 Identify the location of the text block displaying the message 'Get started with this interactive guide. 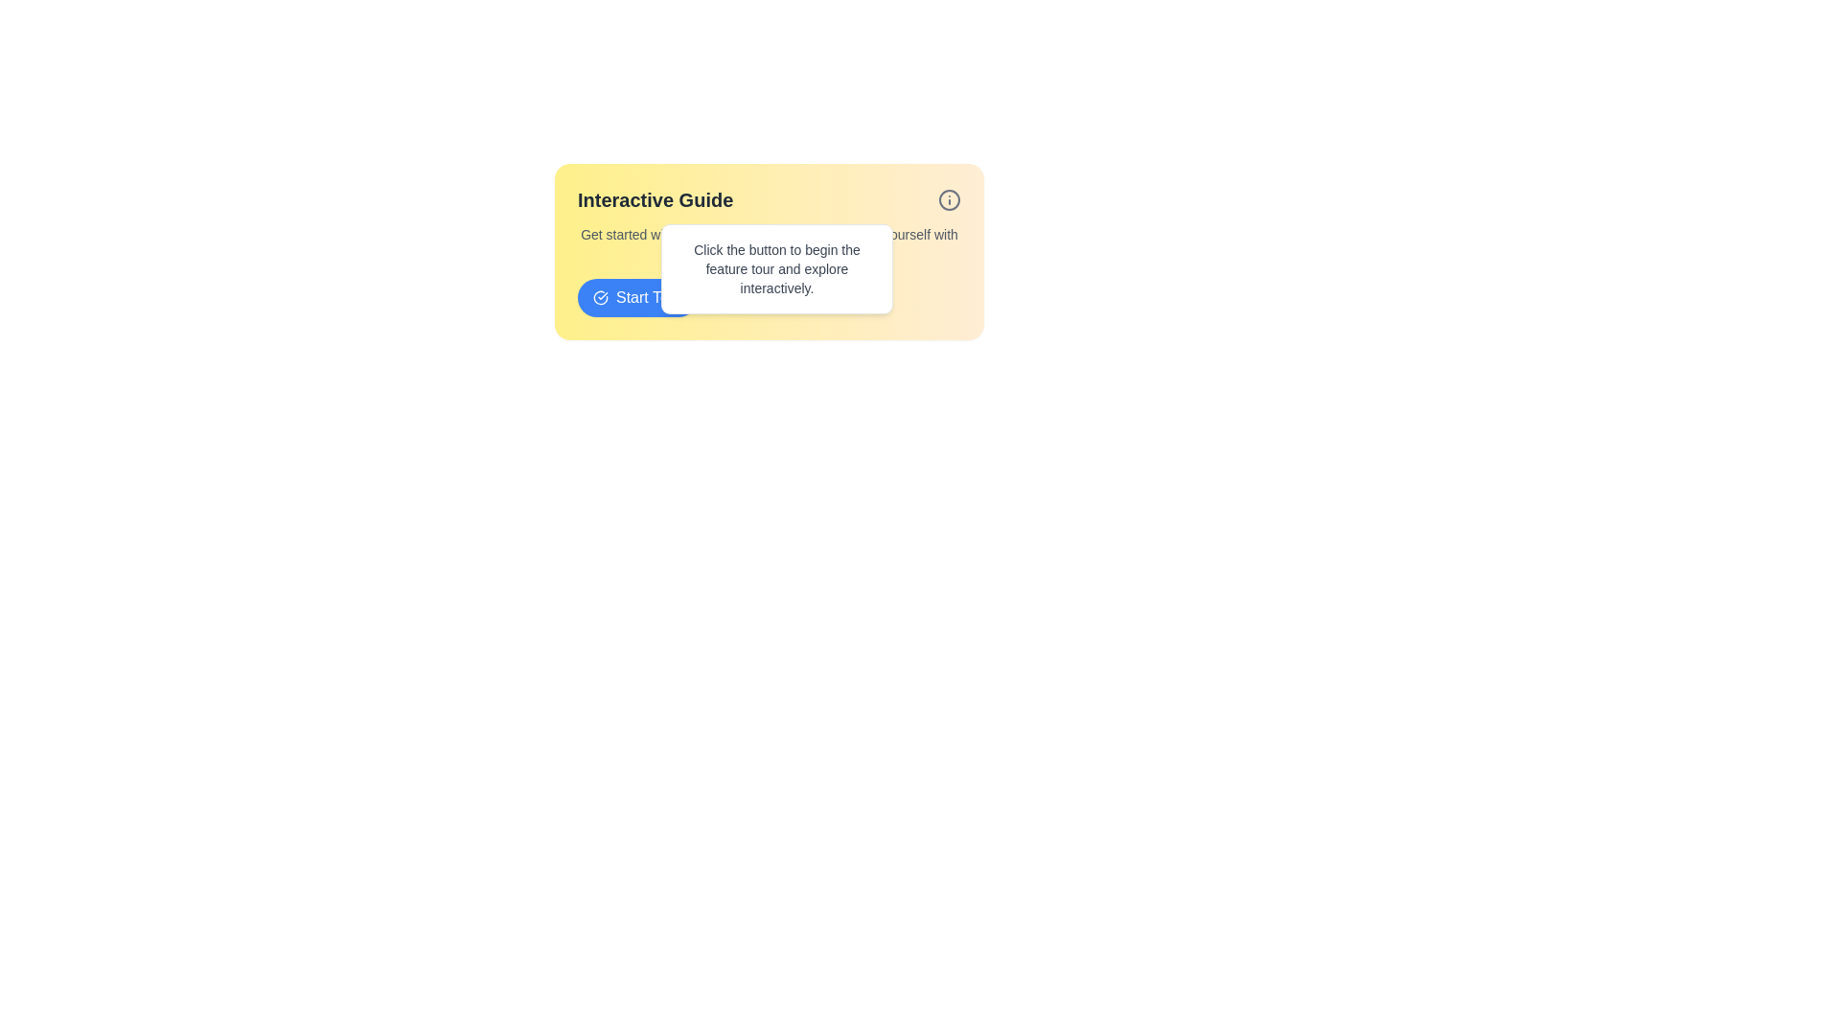
(769, 242).